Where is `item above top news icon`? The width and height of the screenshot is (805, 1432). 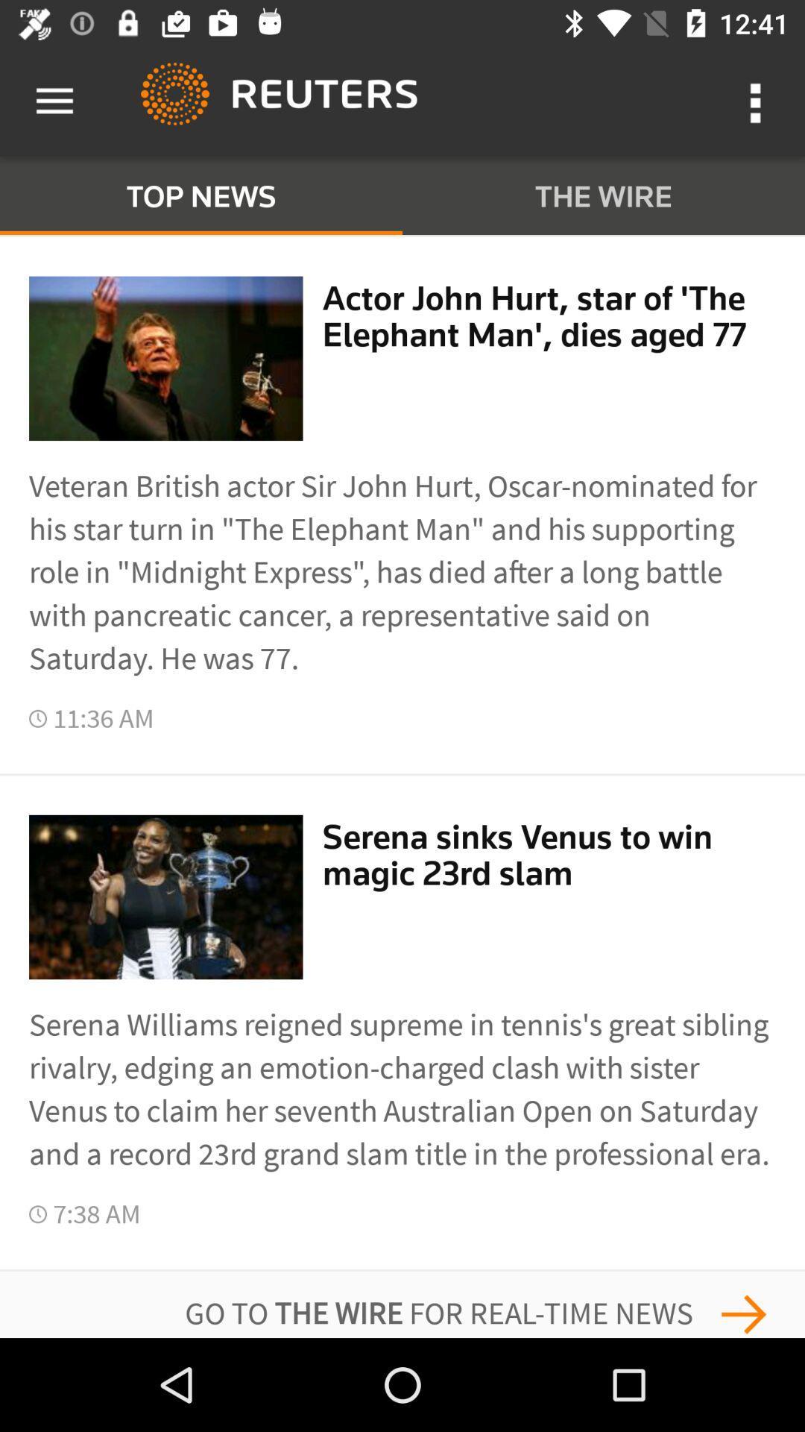 item above top news icon is located at coordinates (54, 101).